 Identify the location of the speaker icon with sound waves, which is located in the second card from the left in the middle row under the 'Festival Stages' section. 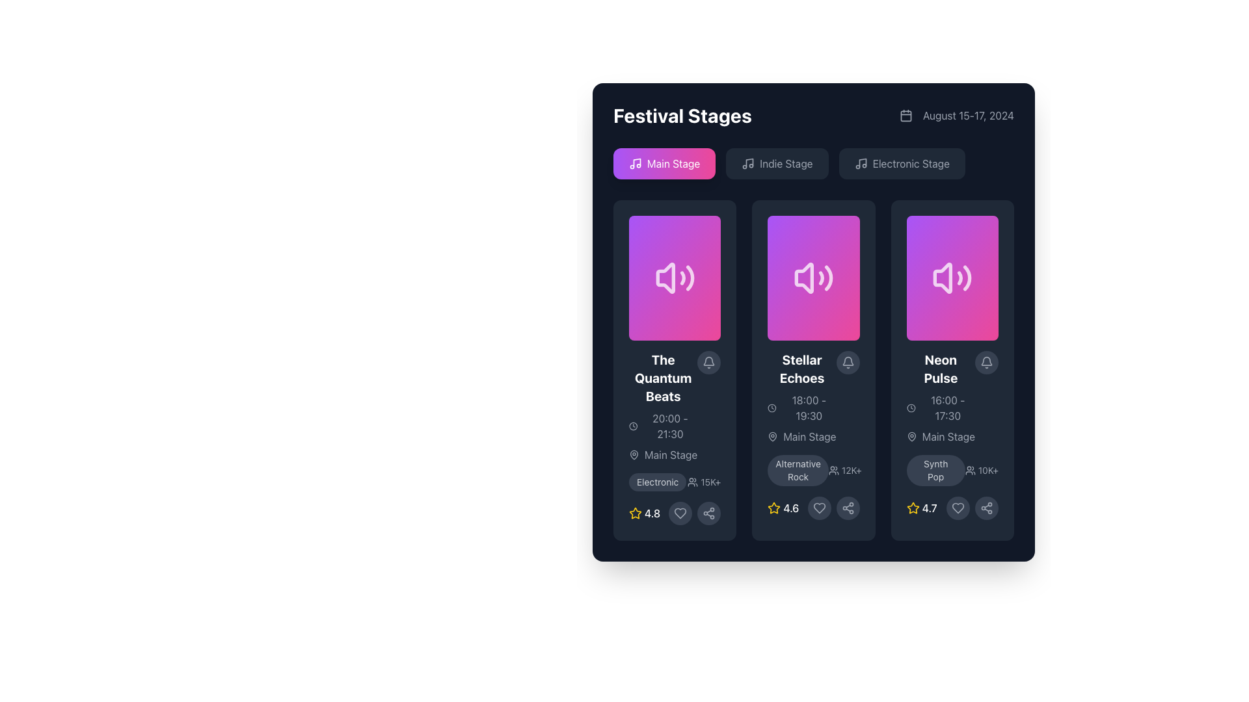
(813, 278).